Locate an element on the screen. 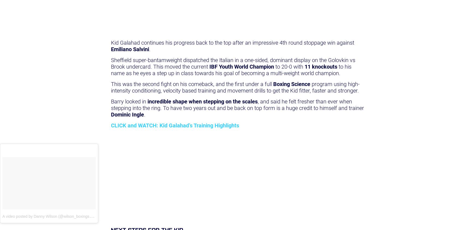 The height and width of the screenshot is (230, 475). 'incredible shape when stepping on the scales' is located at coordinates (202, 101).